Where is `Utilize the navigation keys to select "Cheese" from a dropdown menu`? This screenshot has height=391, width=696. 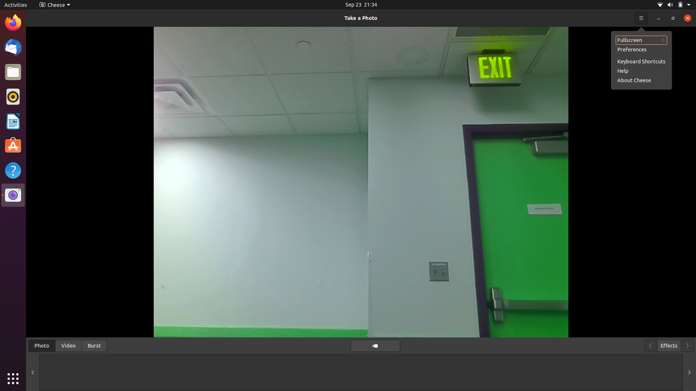 Utilize the navigation keys to select "Cheese" from a dropdown menu is located at coordinates (685, 17).